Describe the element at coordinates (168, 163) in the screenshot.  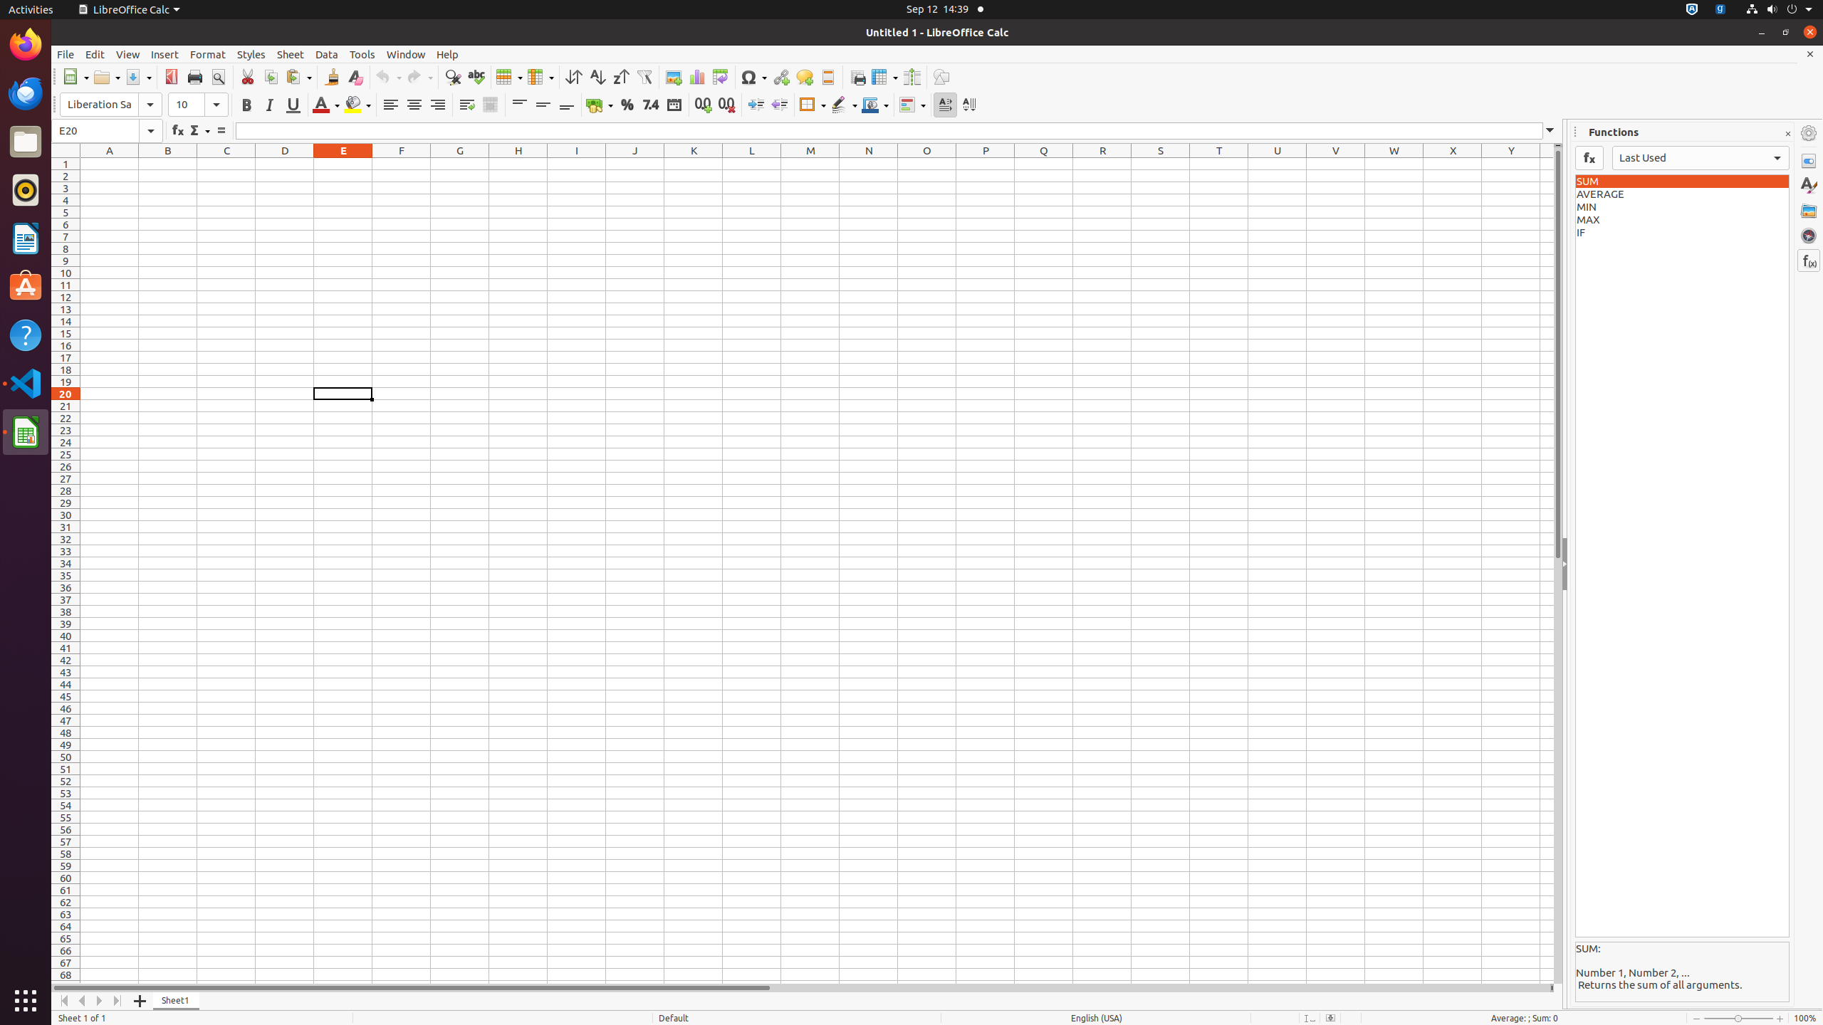
I see `'B1'` at that location.